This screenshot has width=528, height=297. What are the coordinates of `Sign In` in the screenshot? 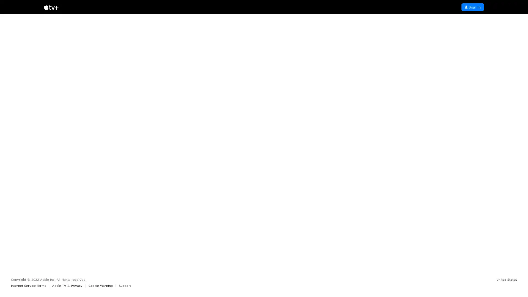 It's located at (472, 7).